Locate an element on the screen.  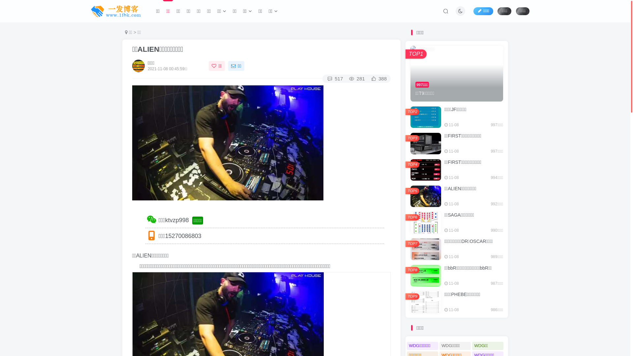
'517' is located at coordinates (334, 78).